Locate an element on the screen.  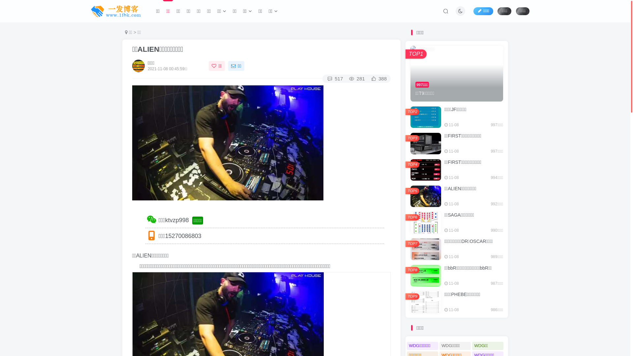
'517' is located at coordinates (334, 78).